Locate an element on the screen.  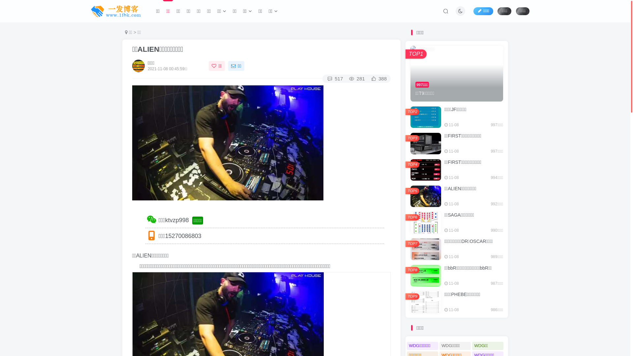
'517' is located at coordinates (334, 78).